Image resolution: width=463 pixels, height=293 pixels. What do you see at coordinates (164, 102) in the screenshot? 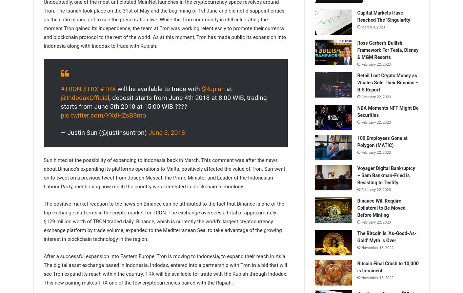
I see `', deposit starts from June 4th 2018 at 8:00 WIB, trading starts from June 5th 2018 at 15:00 WIB.????'` at bounding box center [164, 102].